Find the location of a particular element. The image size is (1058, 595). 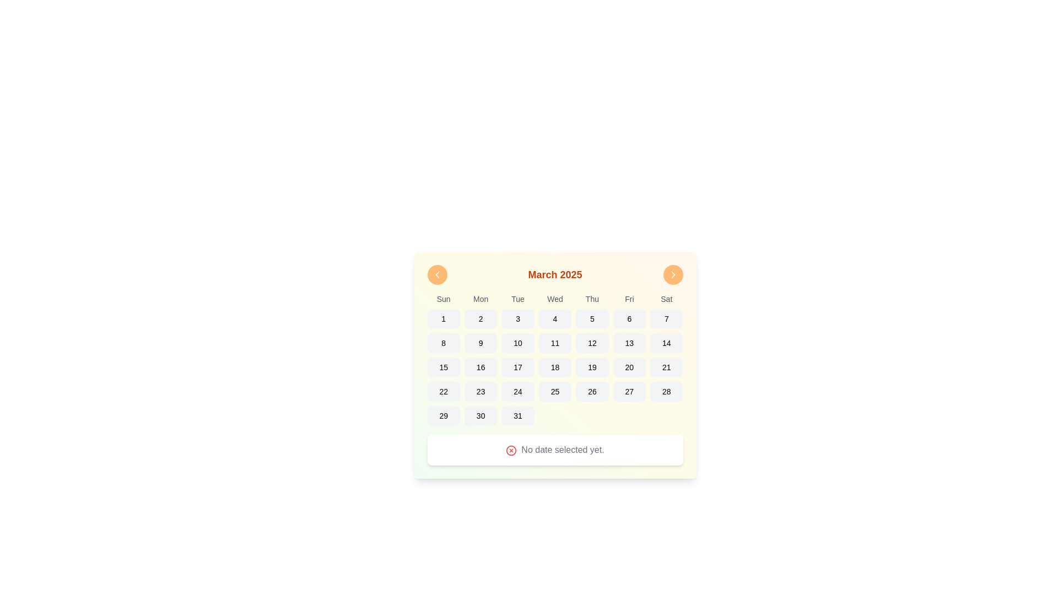

the calendar date button representing the 6th day of the month located under the 'Fri' column is located at coordinates (629, 318).